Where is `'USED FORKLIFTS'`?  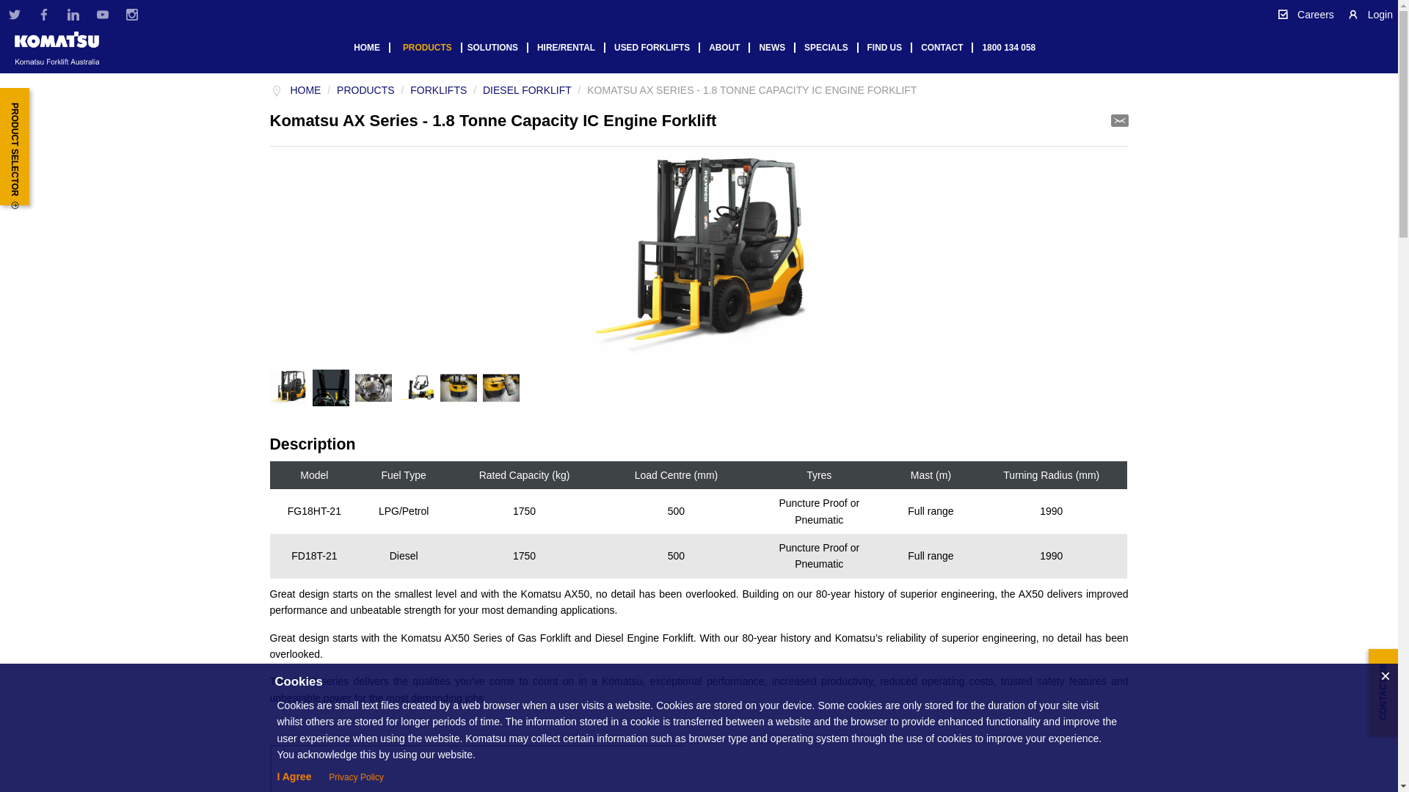
'USED FORKLIFTS' is located at coordinates (656, 47).